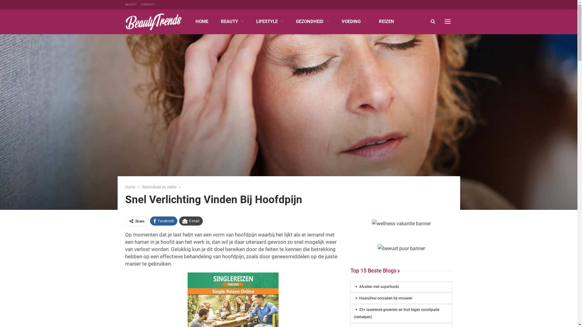 The width and height of the screenshot is (582, 327). I want to click on 'VOEDING', so click(336, 21).